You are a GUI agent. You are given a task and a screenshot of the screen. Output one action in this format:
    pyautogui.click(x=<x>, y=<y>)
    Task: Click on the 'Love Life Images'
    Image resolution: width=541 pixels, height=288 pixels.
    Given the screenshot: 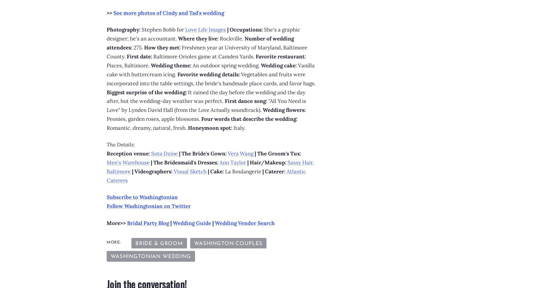 What is the action you would take?
    pyautogui.click(x=205, y=29)
    